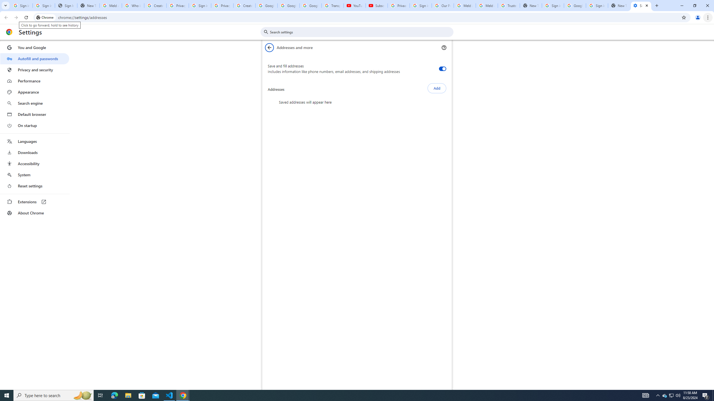  I want to click on 'Appearance', so click(34, 92).